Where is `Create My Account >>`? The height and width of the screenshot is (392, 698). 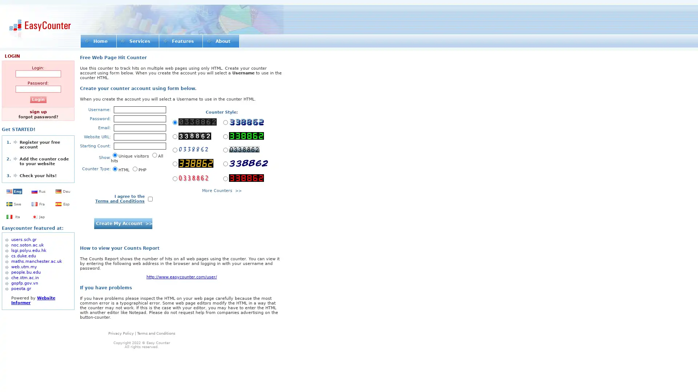 Create My Account >> is located at coordinates (123, 223).